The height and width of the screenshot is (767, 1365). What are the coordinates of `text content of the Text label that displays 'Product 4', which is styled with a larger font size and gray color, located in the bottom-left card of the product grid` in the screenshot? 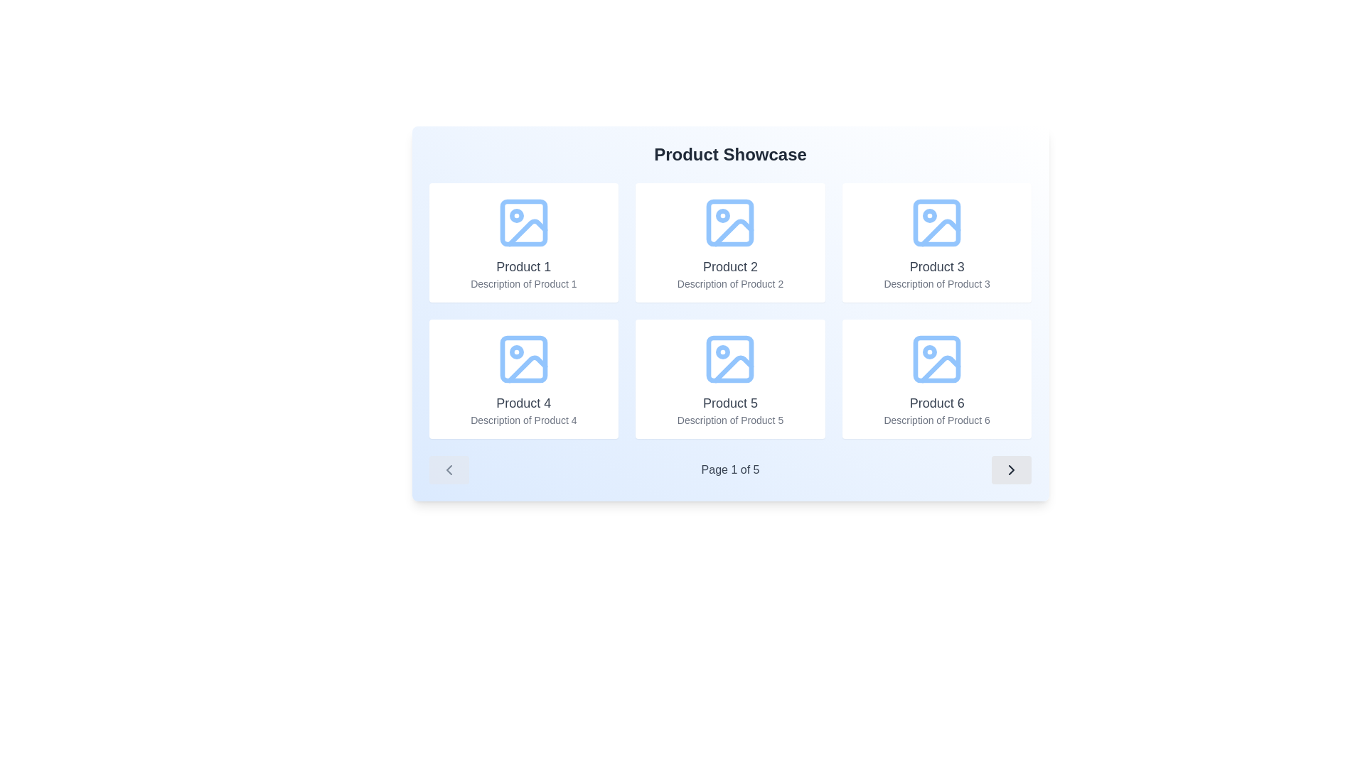 It's located at (523, 403).